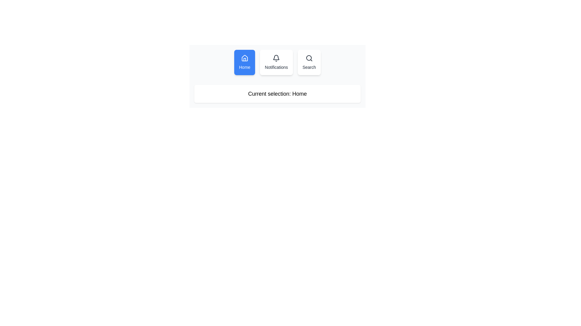  What do you see at coordinates (309, 62) in the screenshot?
I see `the search button, which is the last of three horizontally aligned buttons` at bounding box center [309, 62].